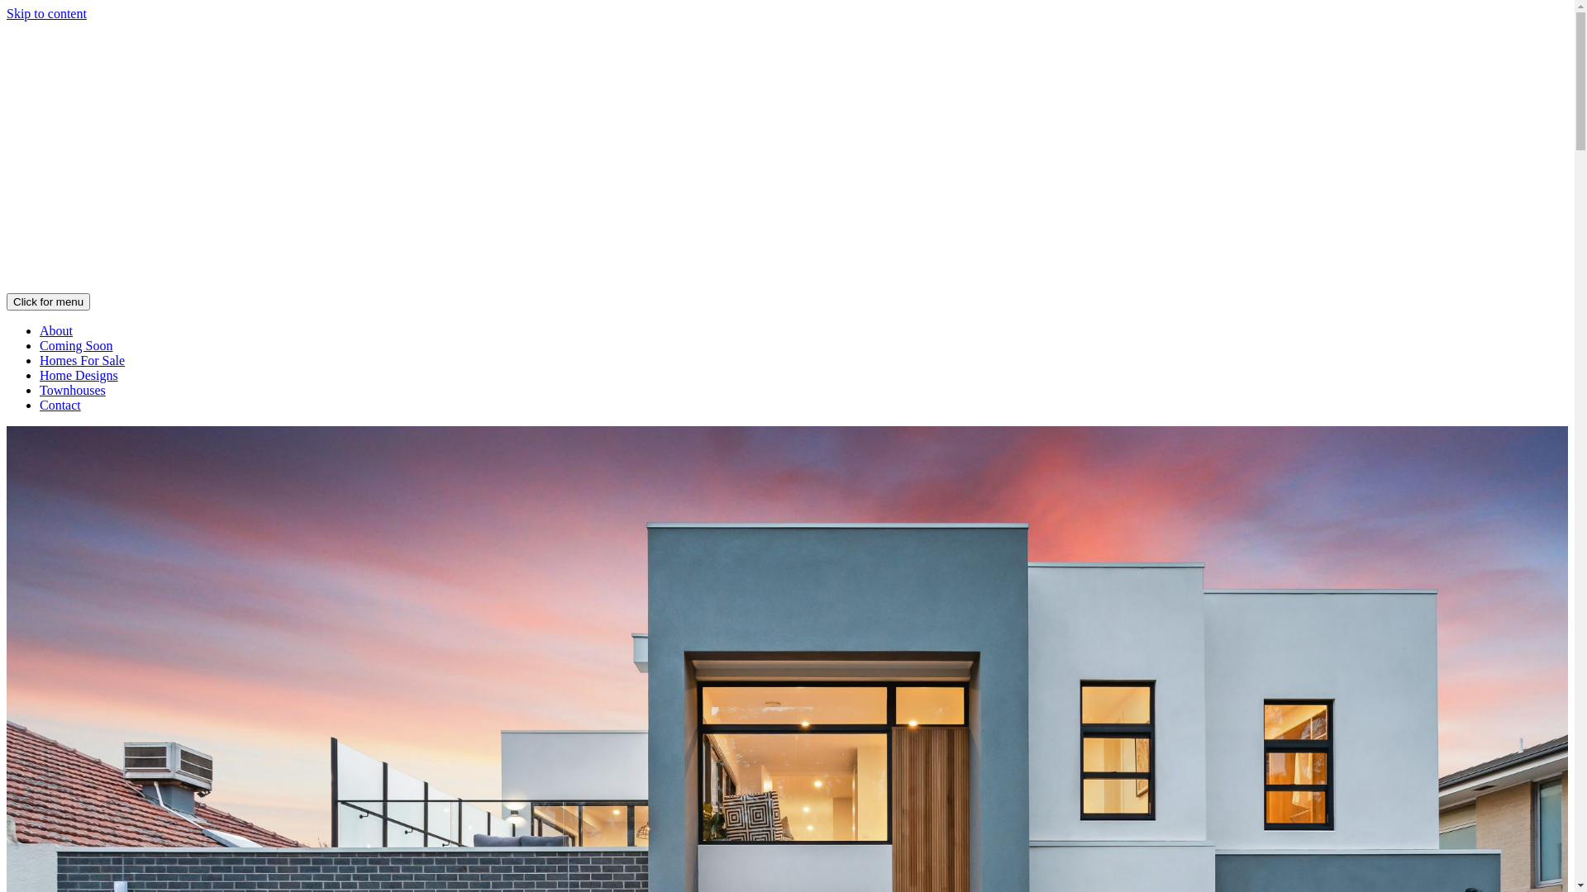  What do you see at coordinates (71, 390) in the screenshot?
I see `'Townhouses'` at bounding box center [71, 390].